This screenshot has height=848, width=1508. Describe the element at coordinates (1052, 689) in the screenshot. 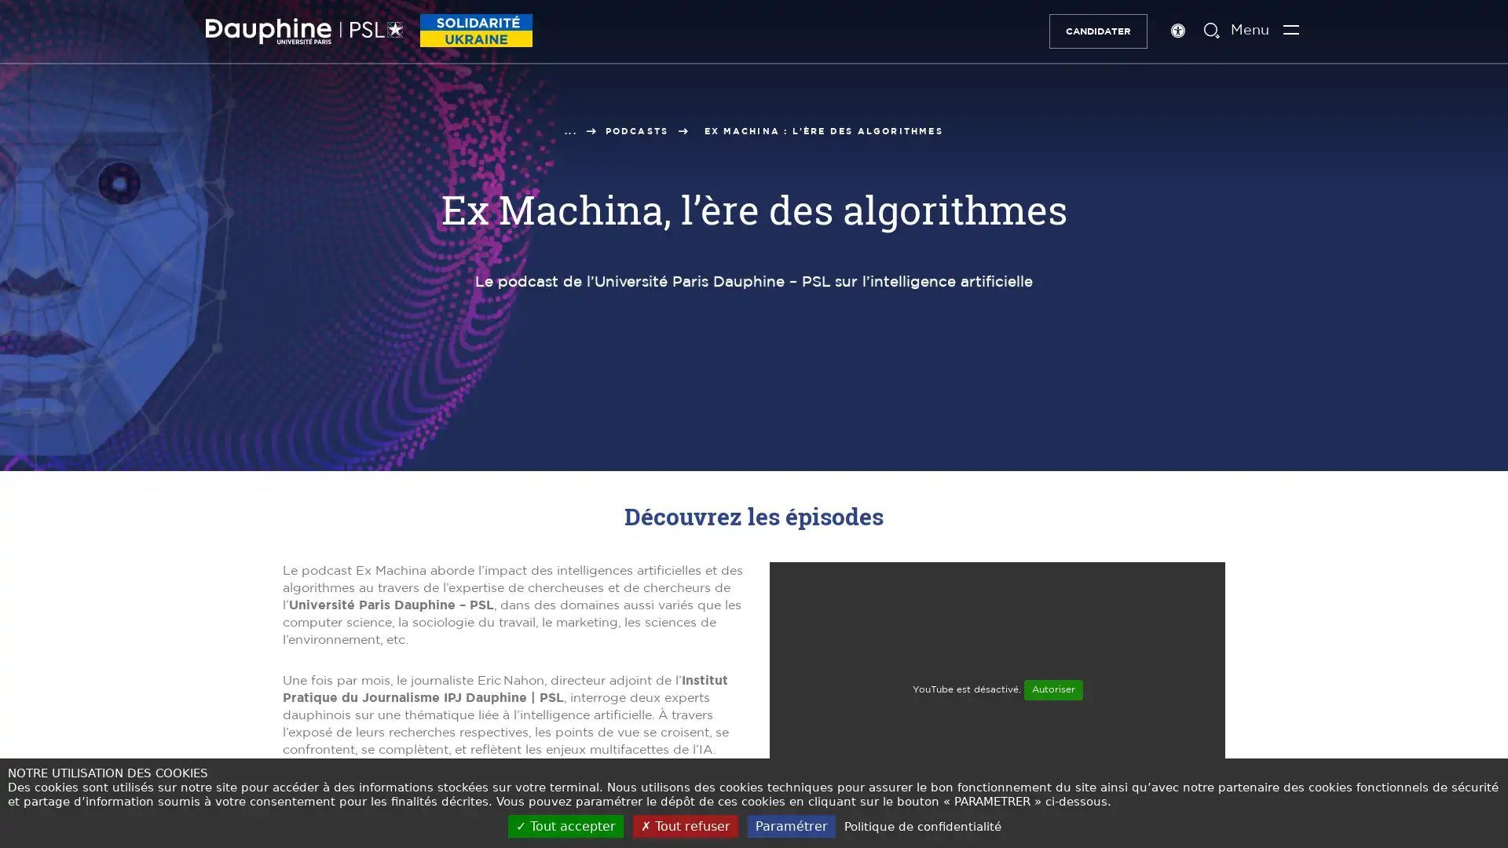

I see `Autoriser` at that location.